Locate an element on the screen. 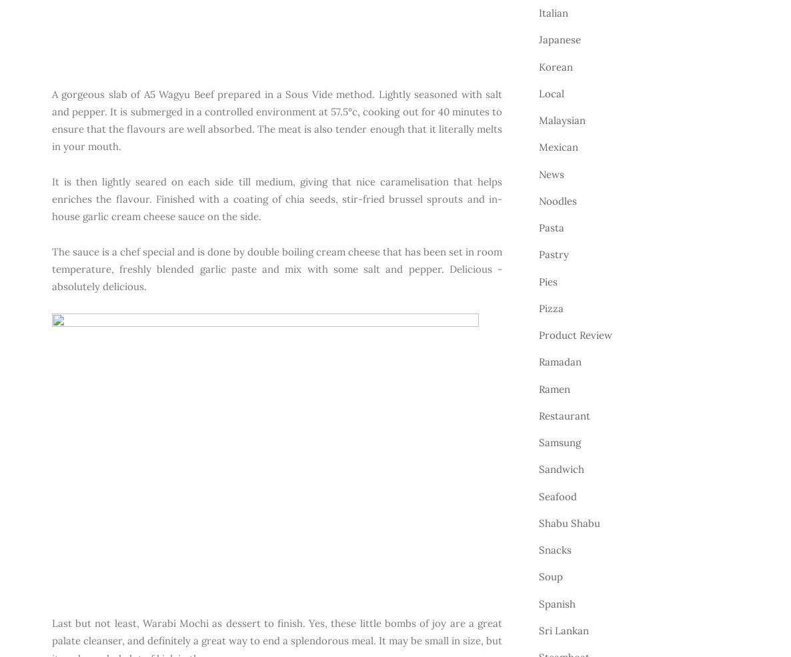 This screenshot has height=657, width=791. 'Seafood' is located at coordinates (557, 496).